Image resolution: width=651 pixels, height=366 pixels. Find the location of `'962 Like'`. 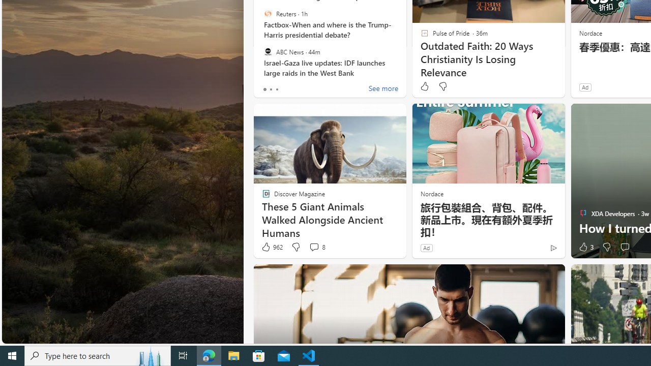

'962 Like' is located at coordinates (272, 247).